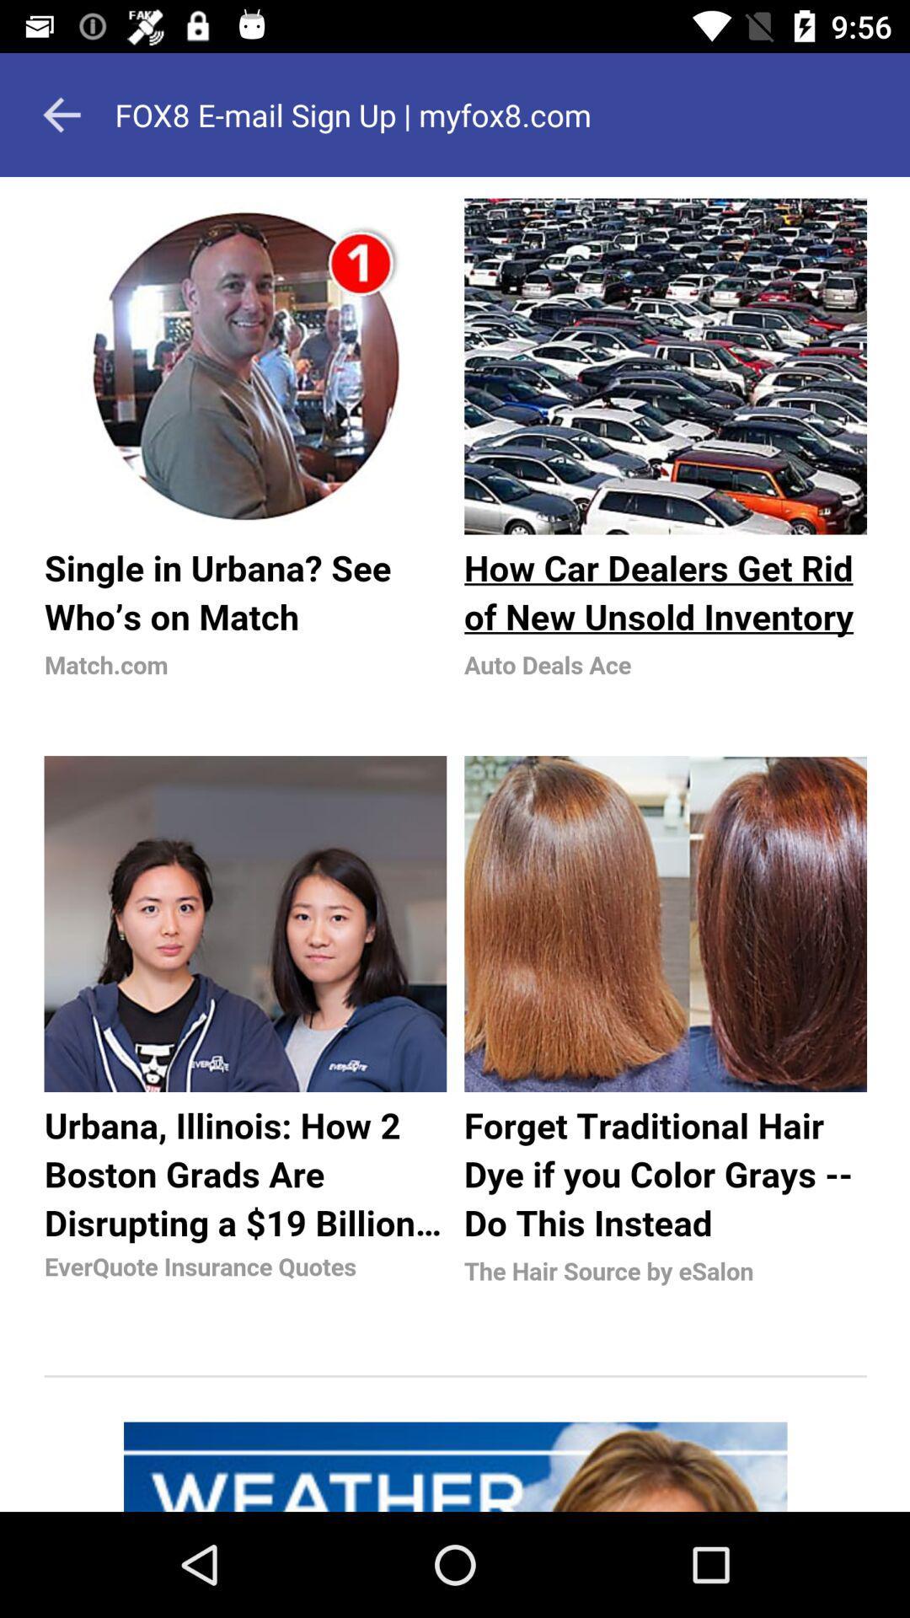 Image resolution: width=910 pixels, height=1618 pixels. Describe the element at coordinates (455, 844) in the screenshot. I see `article` at that location.